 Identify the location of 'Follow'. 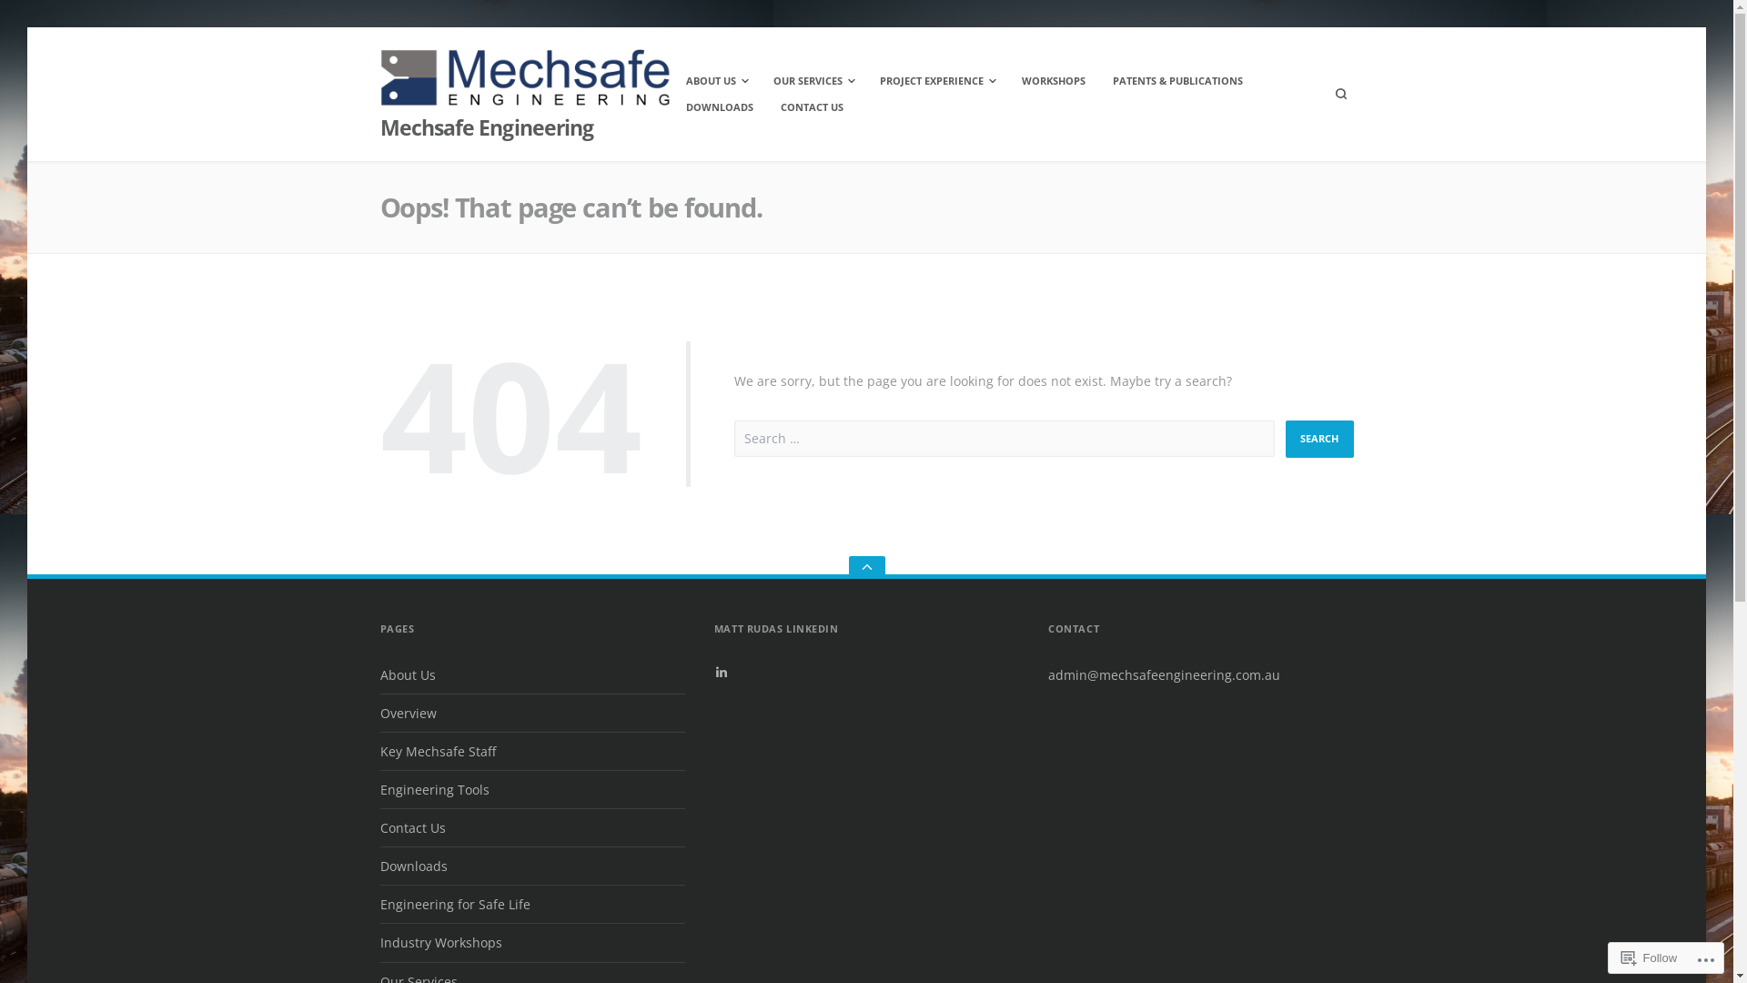
(1650, 957).